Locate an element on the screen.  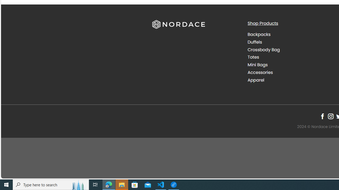
'Duffels' is located at coordinates (291, 42).